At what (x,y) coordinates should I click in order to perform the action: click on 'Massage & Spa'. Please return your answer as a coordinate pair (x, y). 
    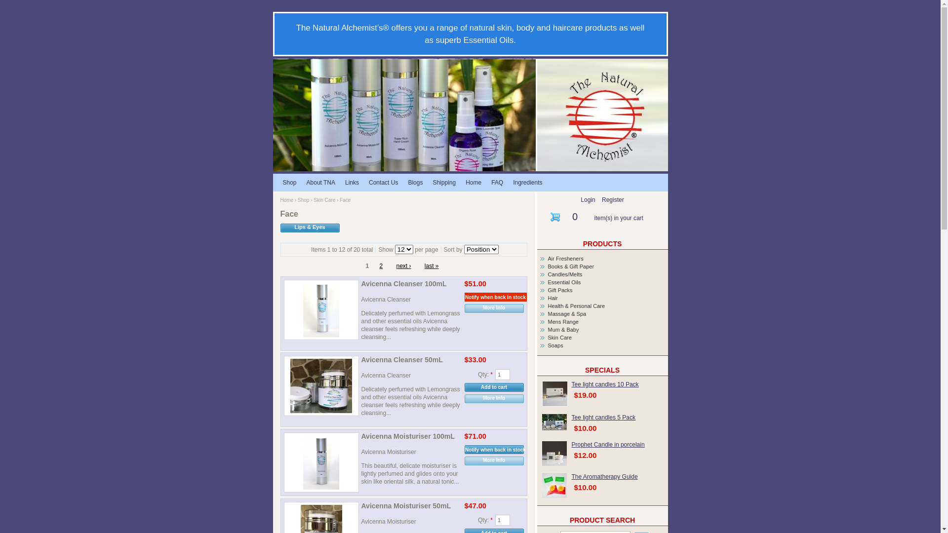
    Looking at the image, I should click on (567, 314).